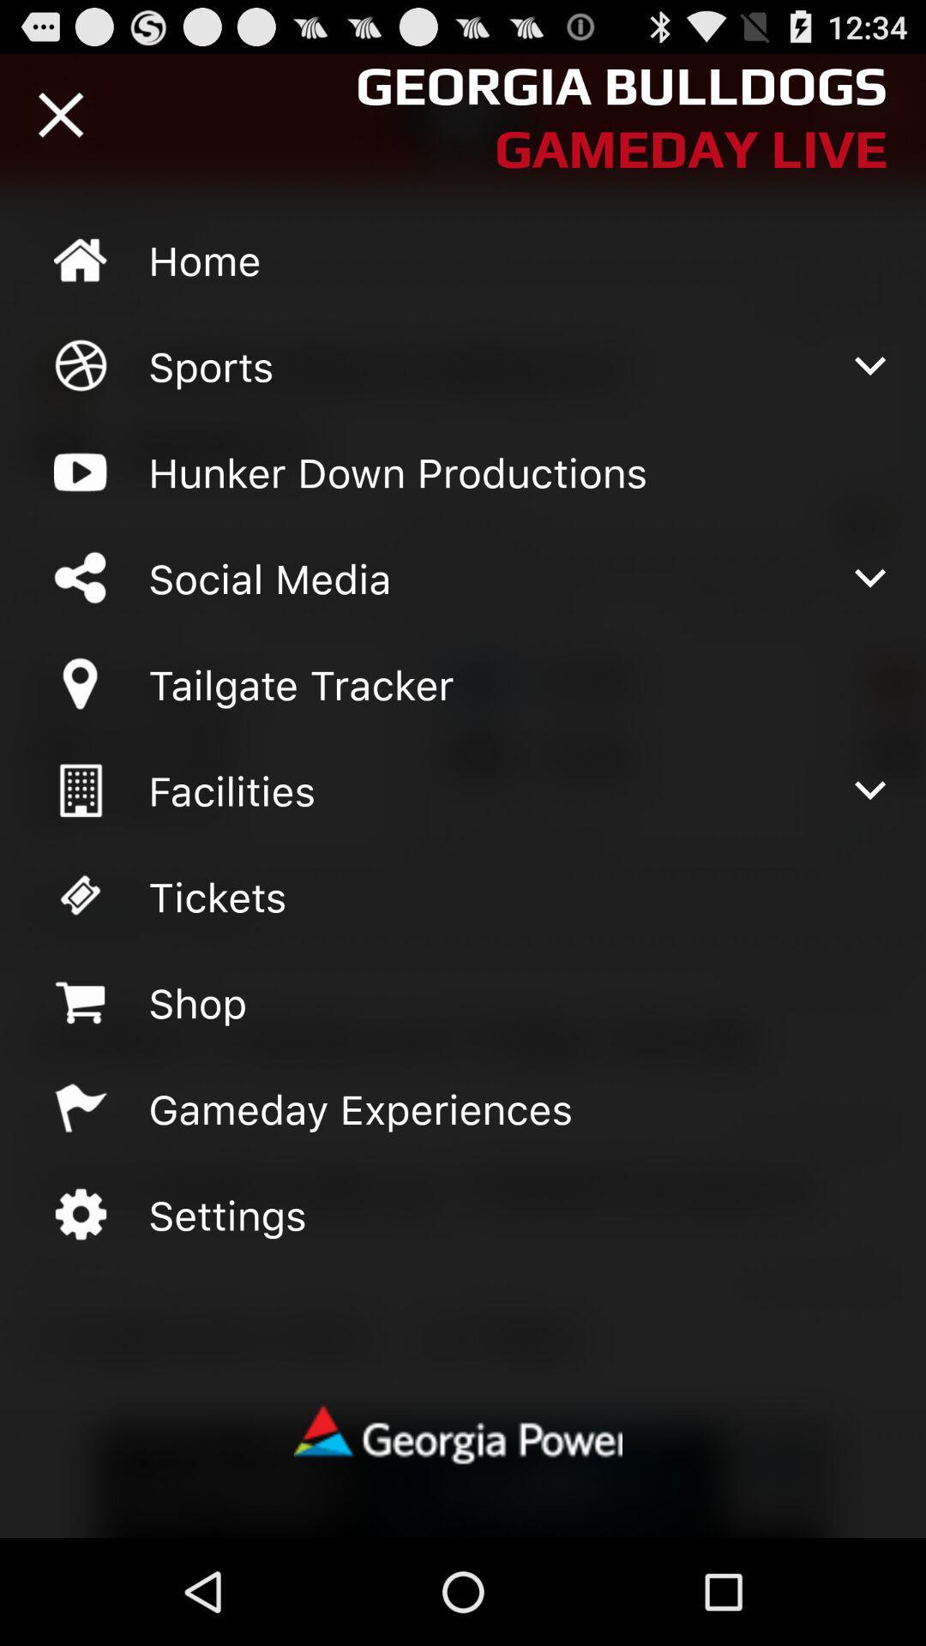  Describe the element at coordinates (60, 122) in the screenshot. I see `the close icon` at that location.